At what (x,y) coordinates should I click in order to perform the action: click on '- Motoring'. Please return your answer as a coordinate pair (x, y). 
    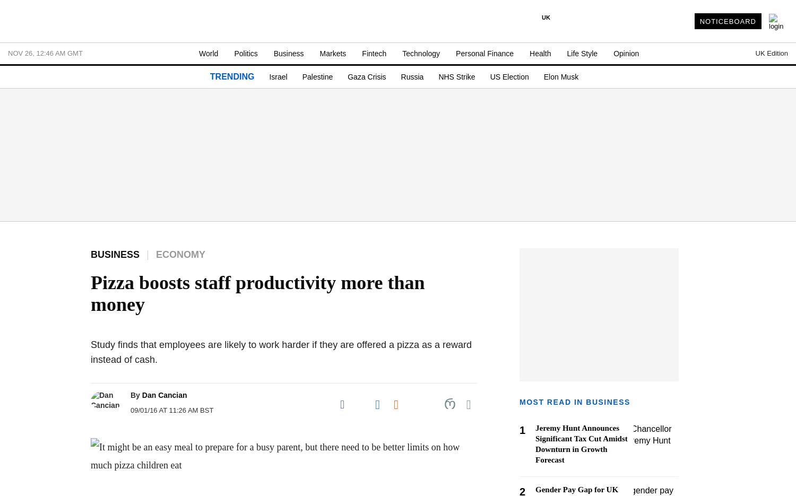
    Looking at the image, I should click on (8, 274).